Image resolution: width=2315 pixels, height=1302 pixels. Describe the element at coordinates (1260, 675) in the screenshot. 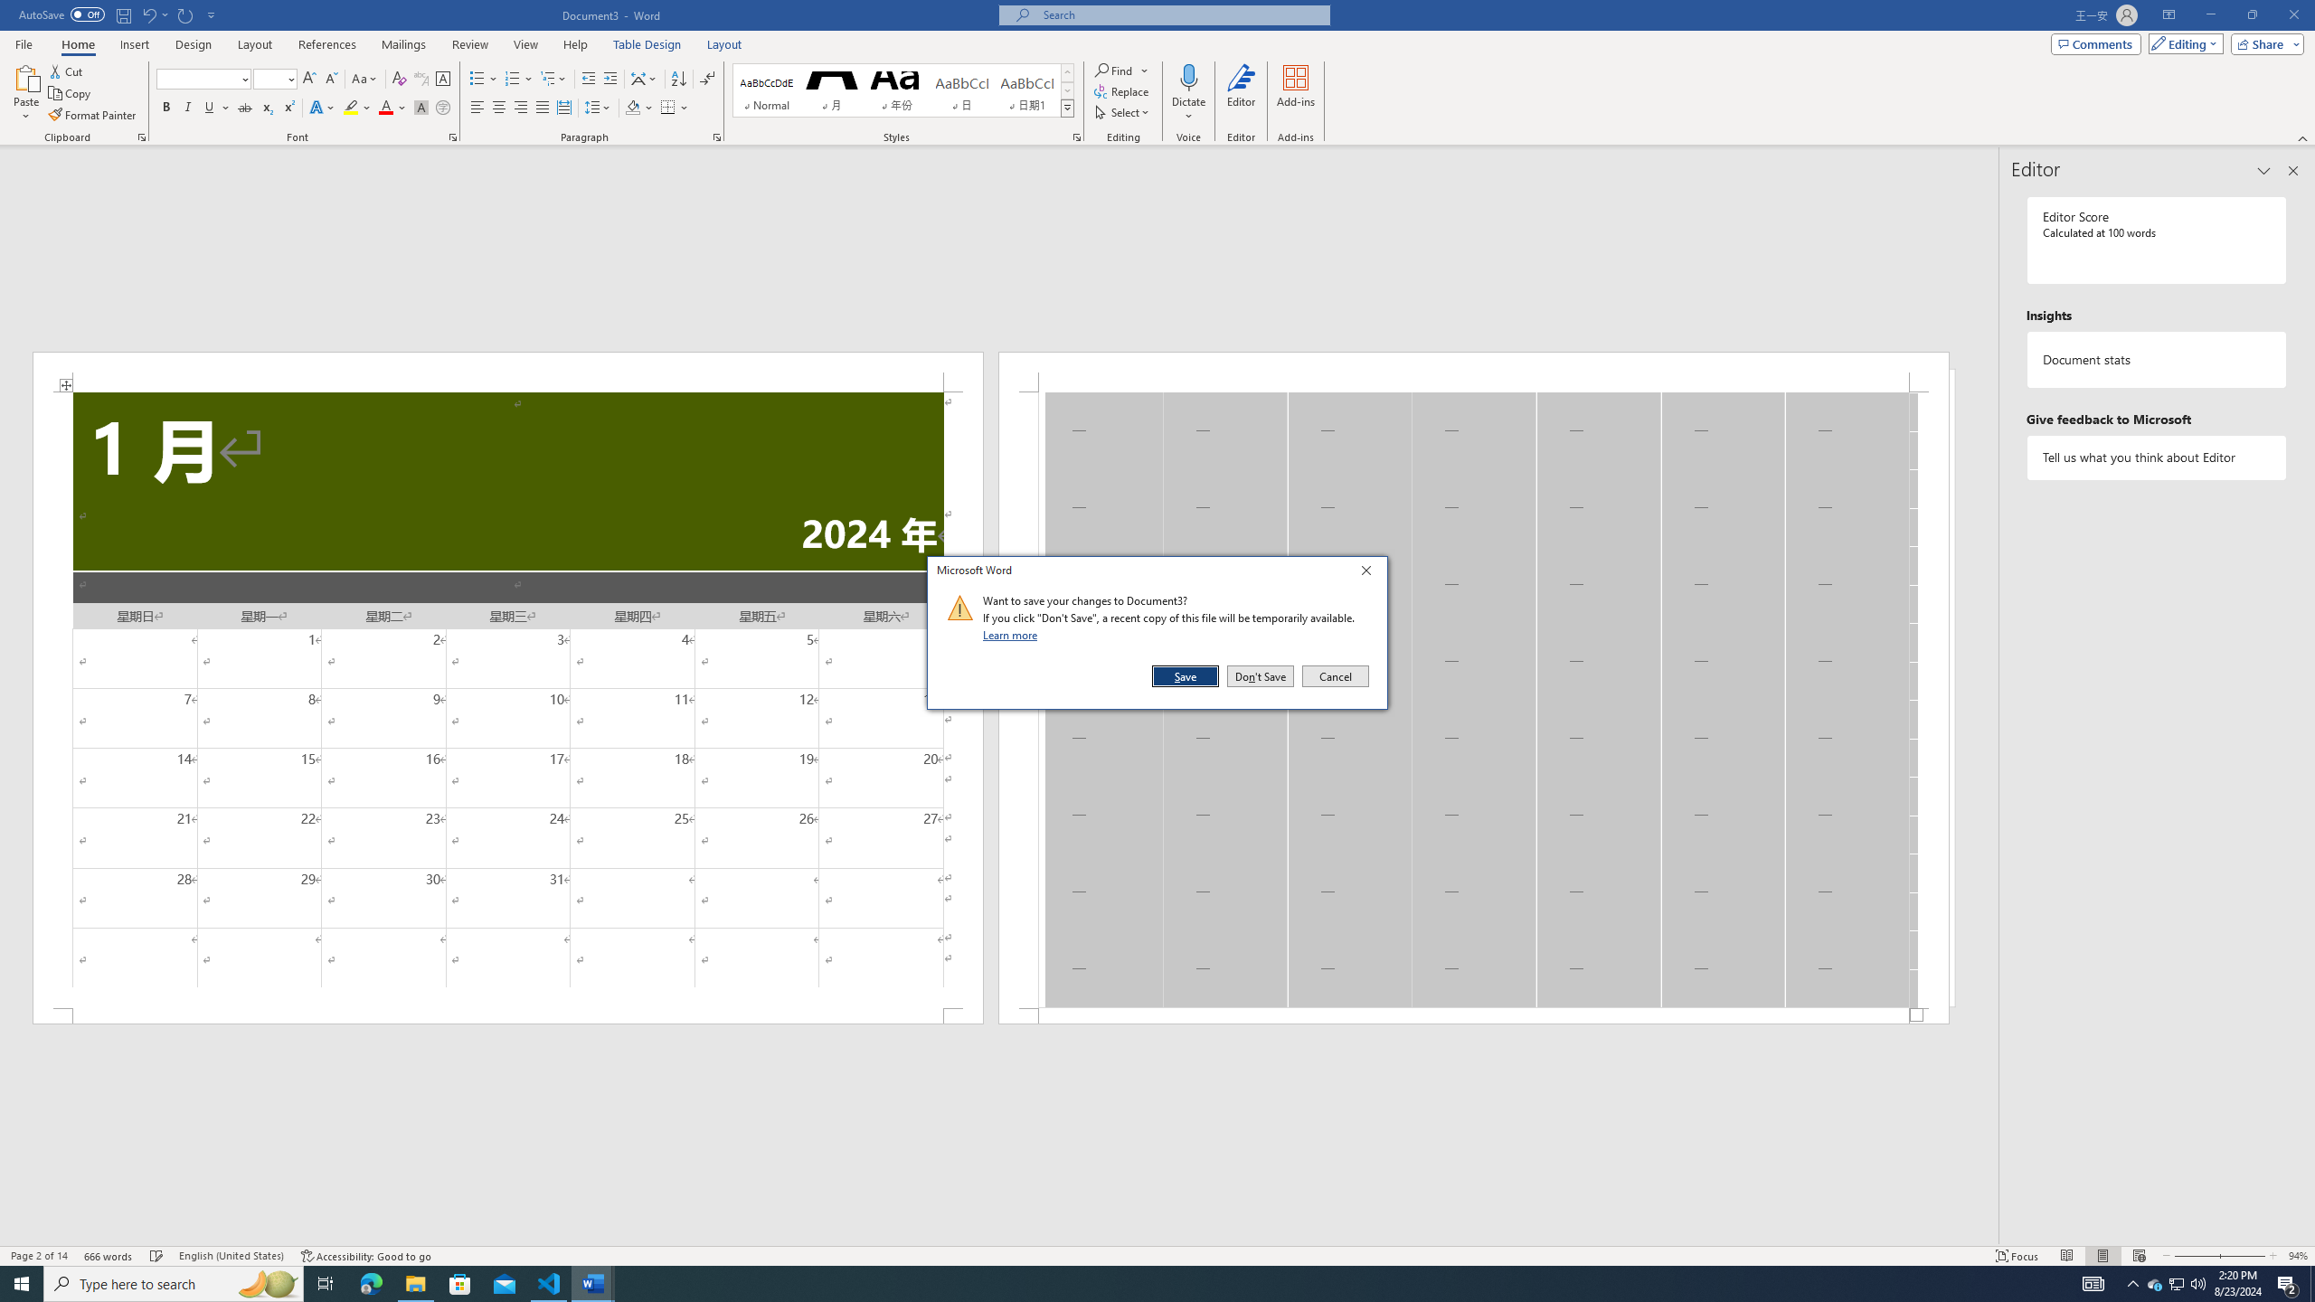

I see `'Don'` at that location.